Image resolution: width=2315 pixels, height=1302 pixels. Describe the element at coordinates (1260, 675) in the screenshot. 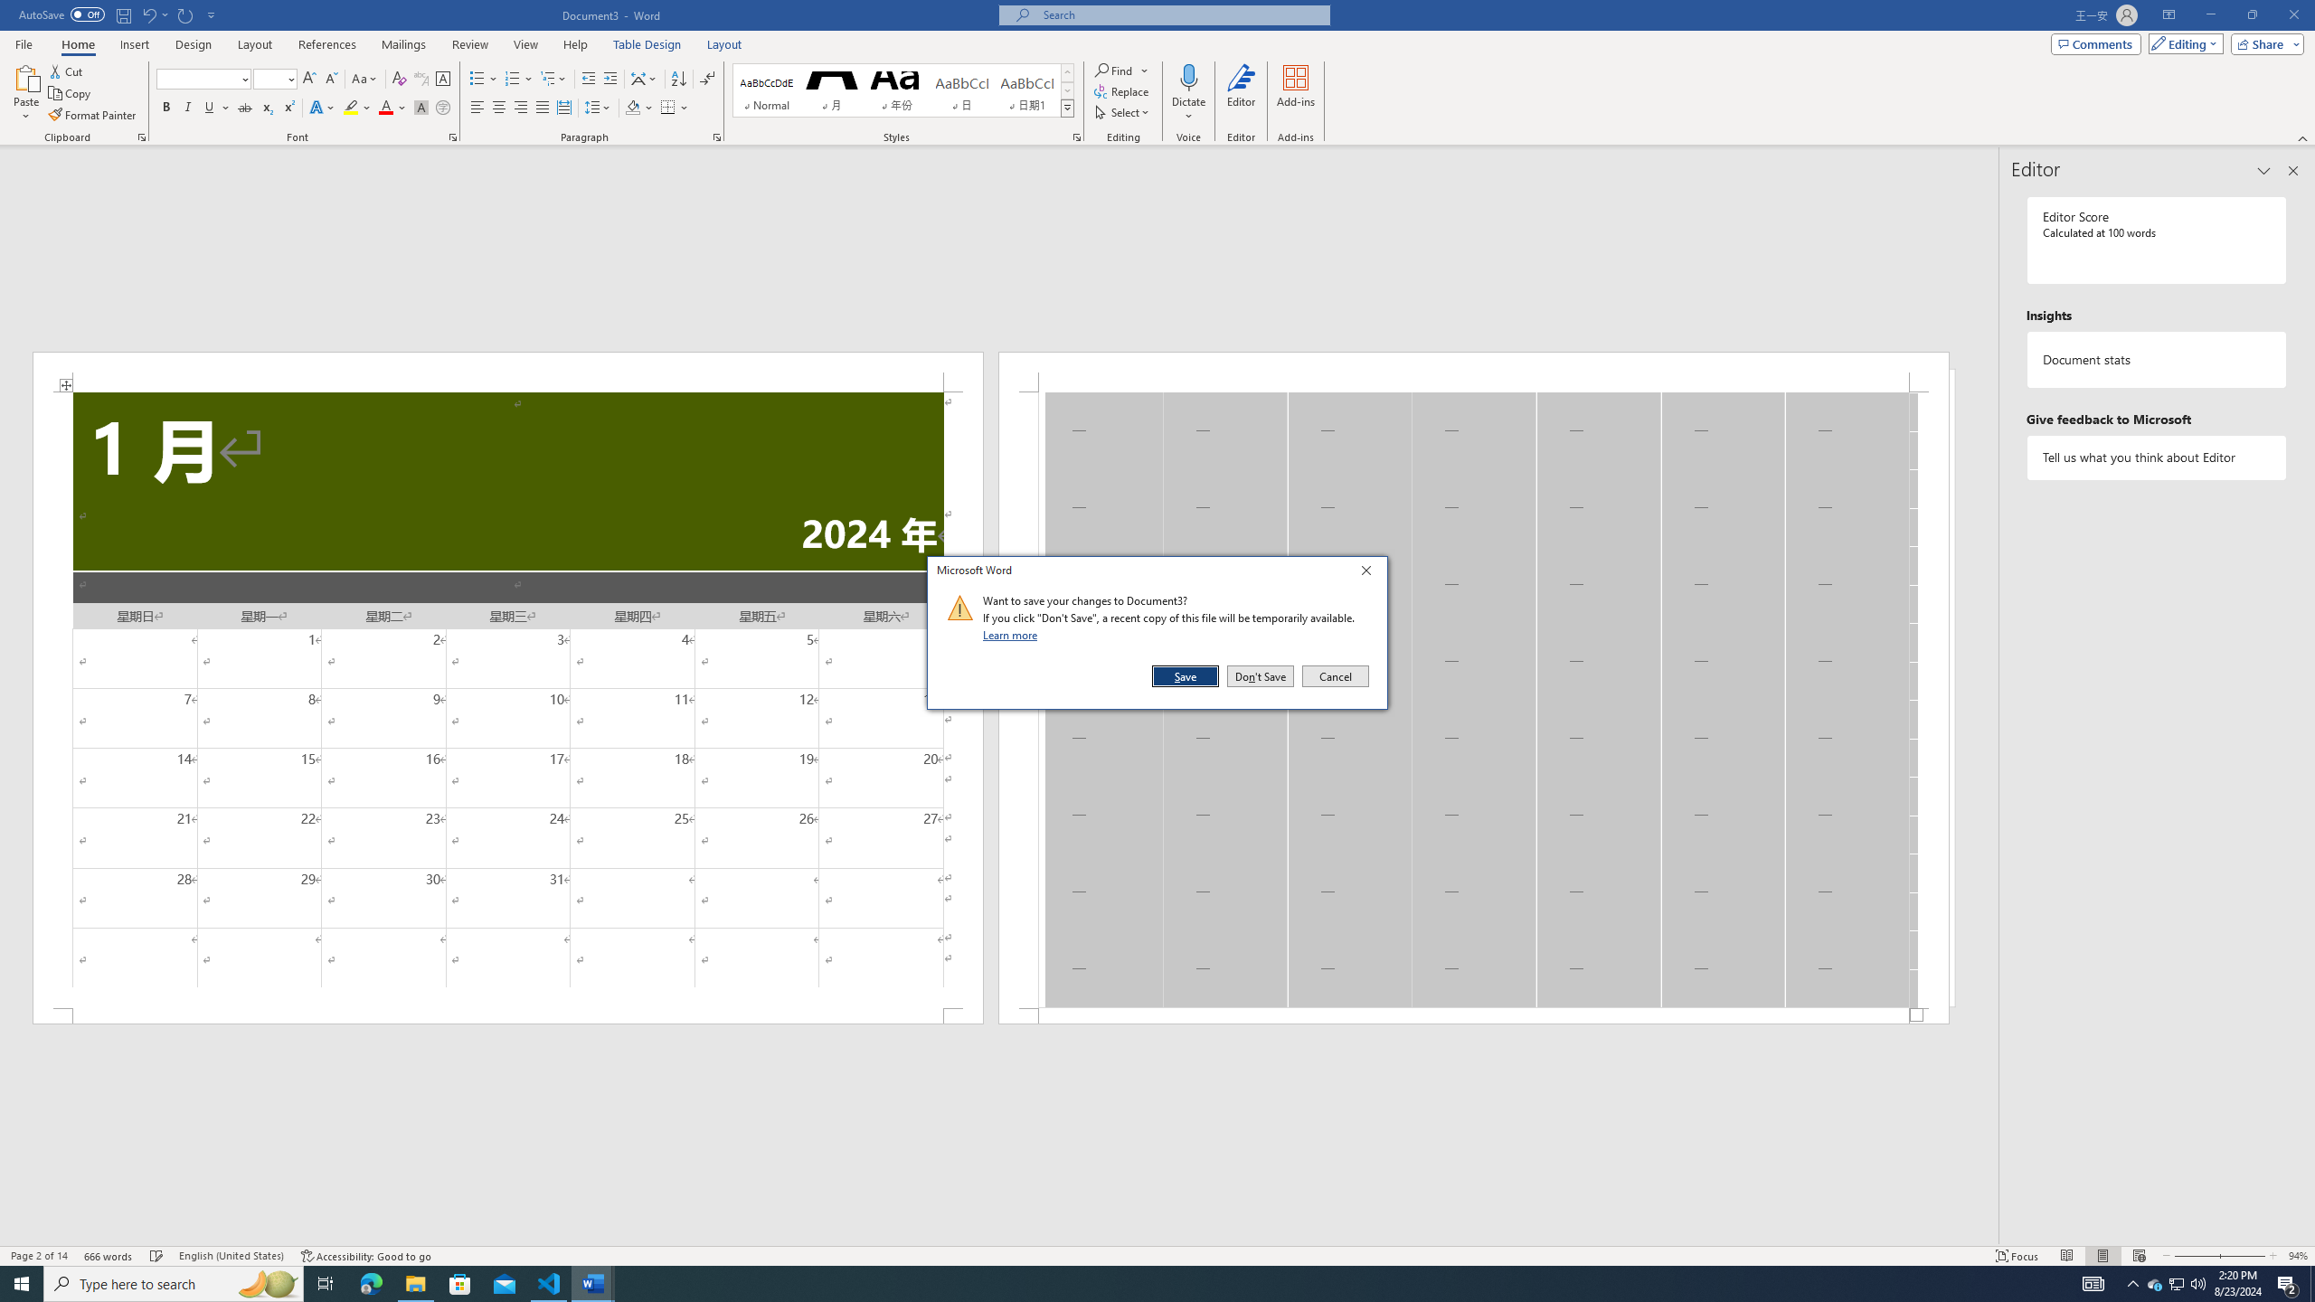

I see `'Don'` at that location.